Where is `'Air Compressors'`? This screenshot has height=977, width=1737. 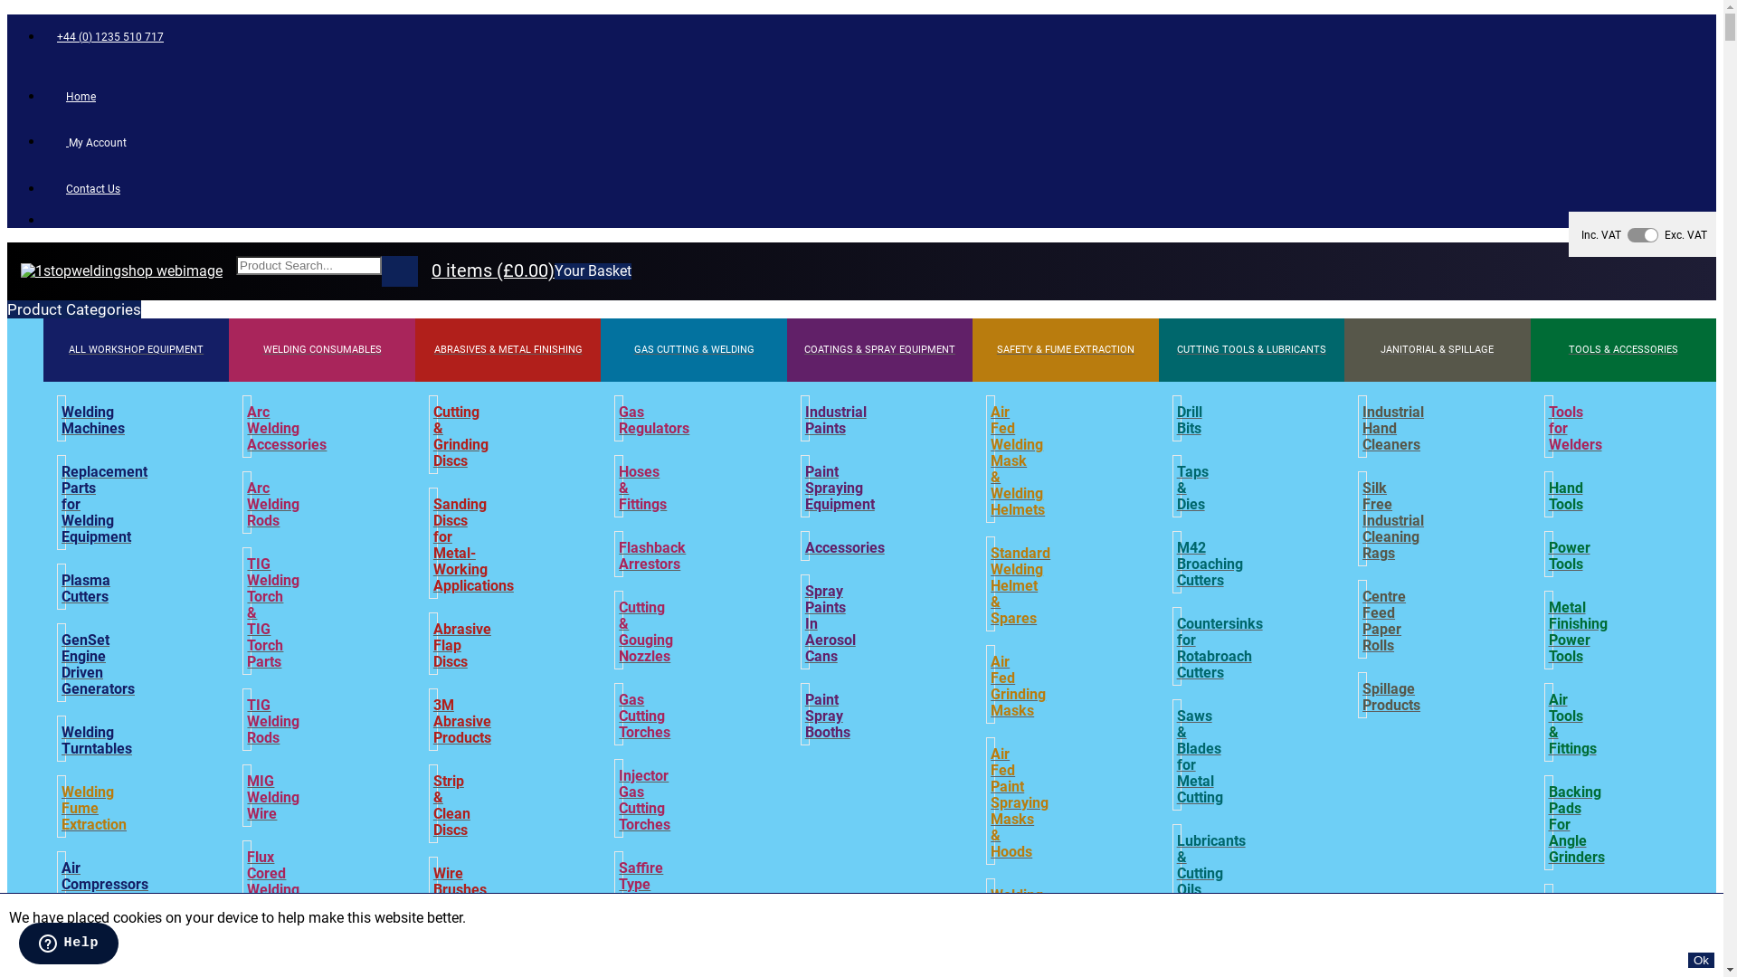
'Air Compressors' is located at coordinates (103, 875).